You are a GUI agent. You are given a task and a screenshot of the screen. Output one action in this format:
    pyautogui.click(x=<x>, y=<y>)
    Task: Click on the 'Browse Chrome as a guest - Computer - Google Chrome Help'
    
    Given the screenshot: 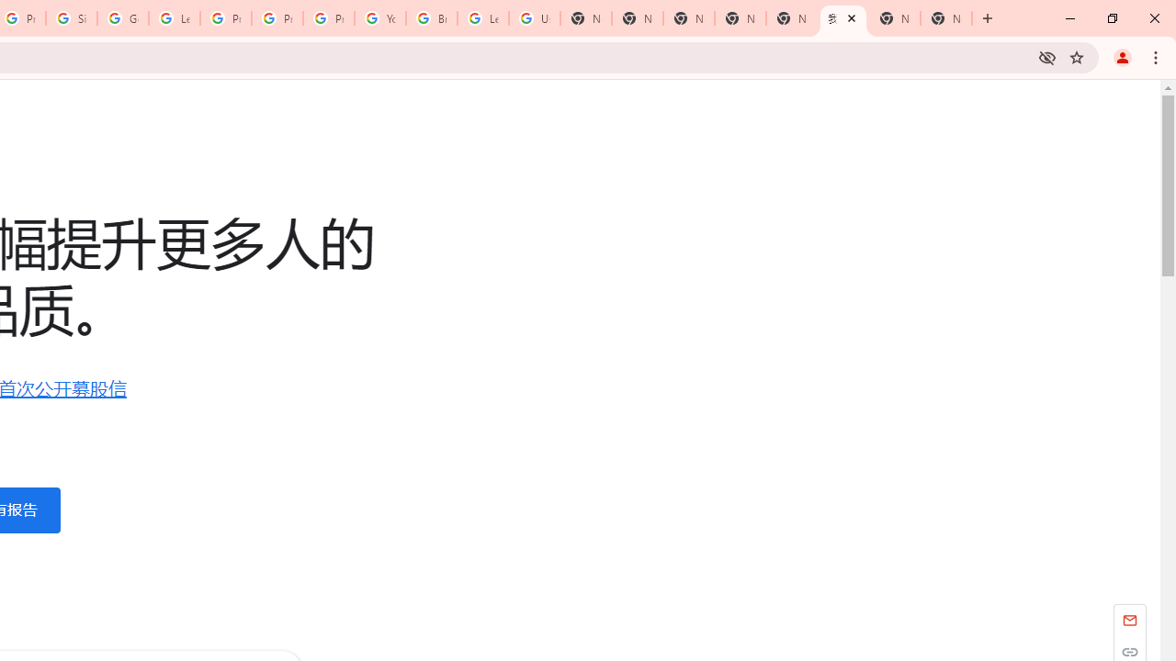 What is the action you would take?
    pyautogui.click(x=430, y=18)
    